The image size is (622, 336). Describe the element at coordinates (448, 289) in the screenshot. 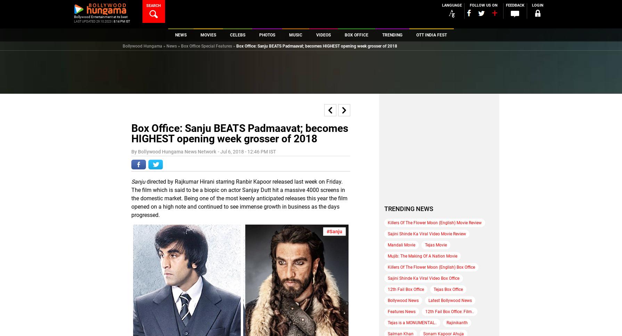

I see `'Tejas Box Office'` at that location.